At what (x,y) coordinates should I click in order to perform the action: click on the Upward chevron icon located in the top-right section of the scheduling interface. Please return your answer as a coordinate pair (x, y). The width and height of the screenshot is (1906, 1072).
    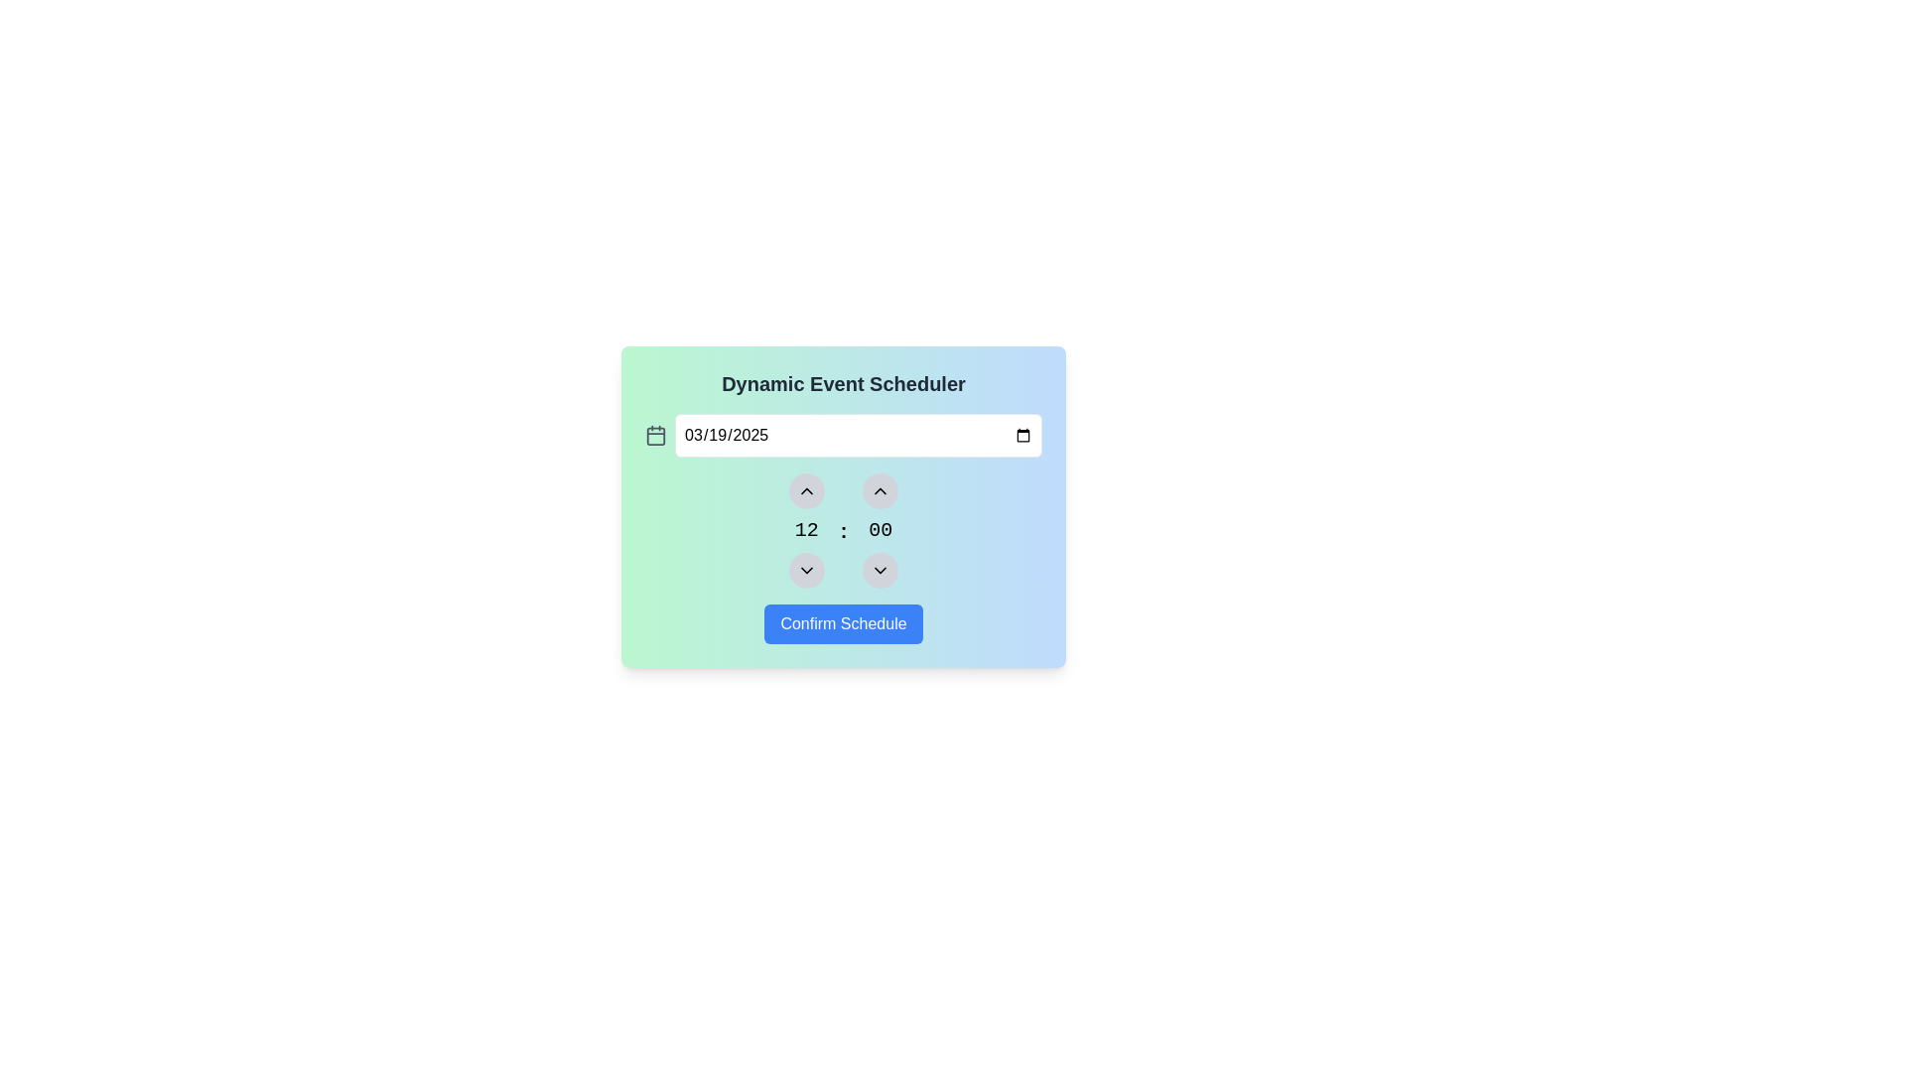
    Looking at the image, I should click on (806, 490).